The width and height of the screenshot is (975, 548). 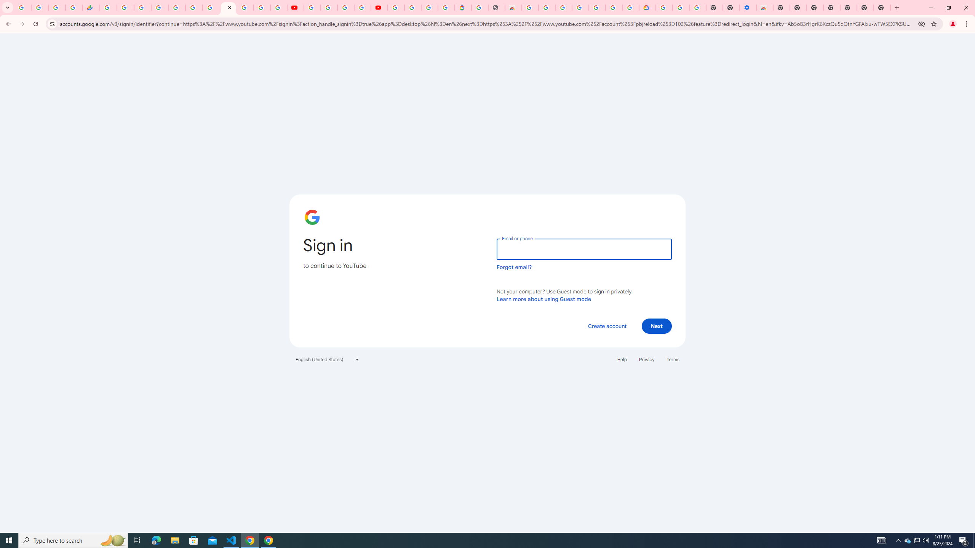 What do you see at coordinates (781, 7) in the screenshot?
I see `'New Tab'` at bounding box center [781, 7].